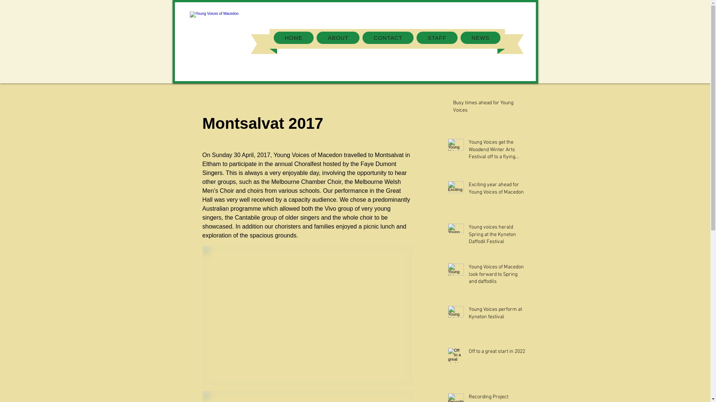 Image resolution: width=716 pixels, height=402 pixels. I want to click on 'Off to a great start in 2022', so click(497, 352).